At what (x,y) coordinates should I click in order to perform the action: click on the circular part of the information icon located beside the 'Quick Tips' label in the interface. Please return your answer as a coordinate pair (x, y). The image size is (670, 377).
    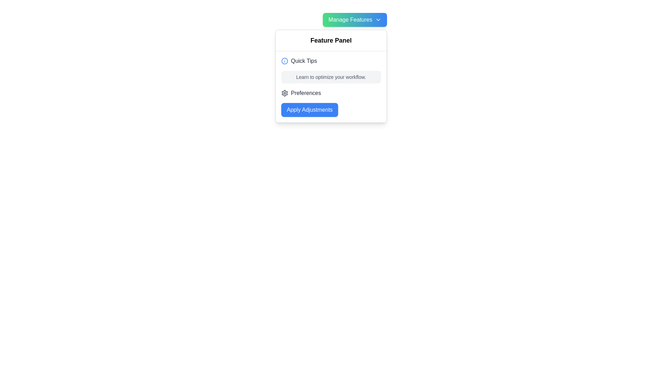
    Looking at the image, I should click on (284, 60).